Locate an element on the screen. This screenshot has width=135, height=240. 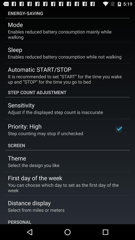
the theme item is located at coordinates (17, 158).